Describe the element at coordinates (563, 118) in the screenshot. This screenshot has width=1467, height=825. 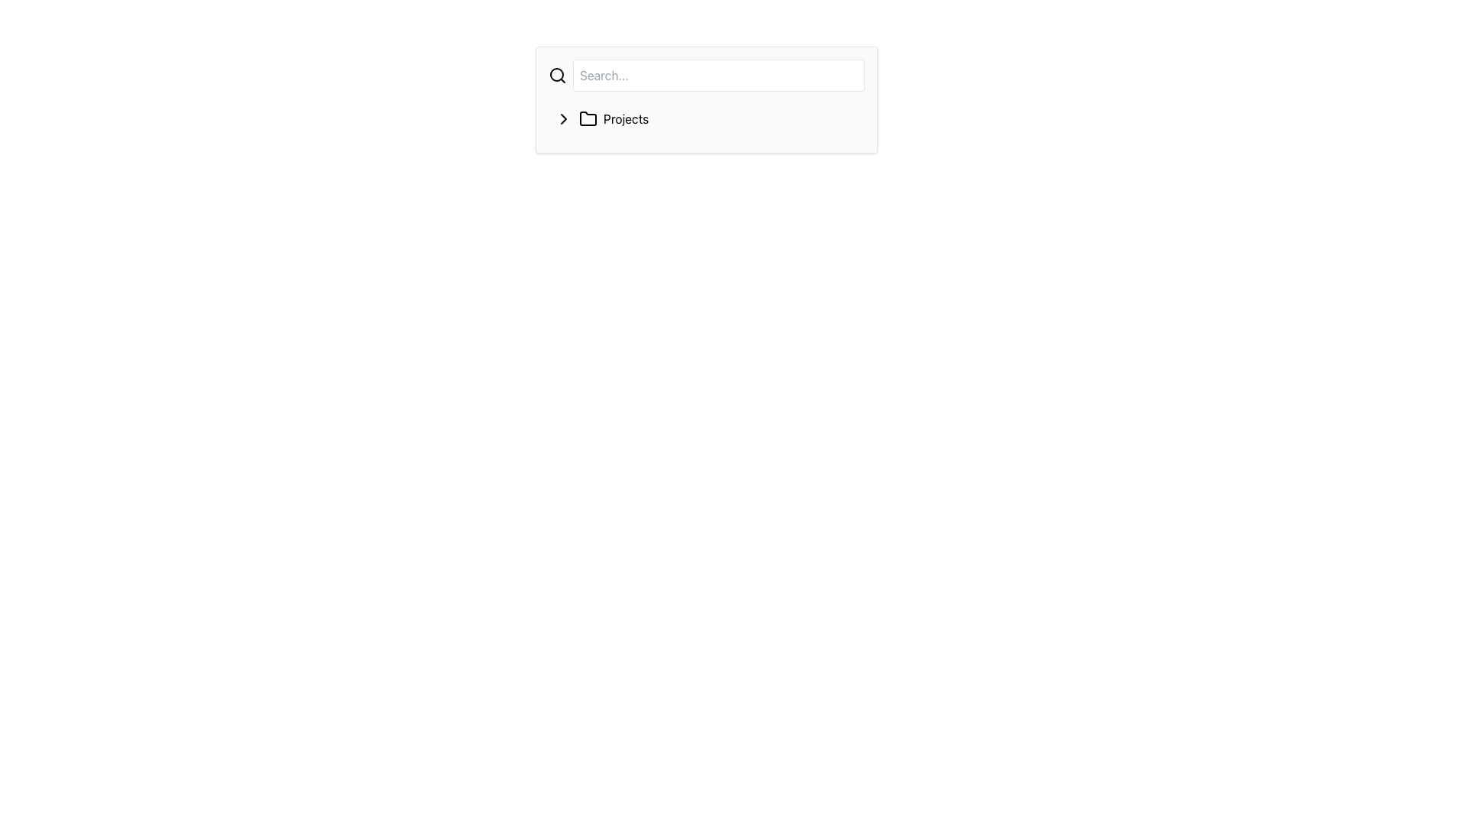
I see `the SVG Icon (Chevron) located to the left of the 'Projects' folder icon` at that location.